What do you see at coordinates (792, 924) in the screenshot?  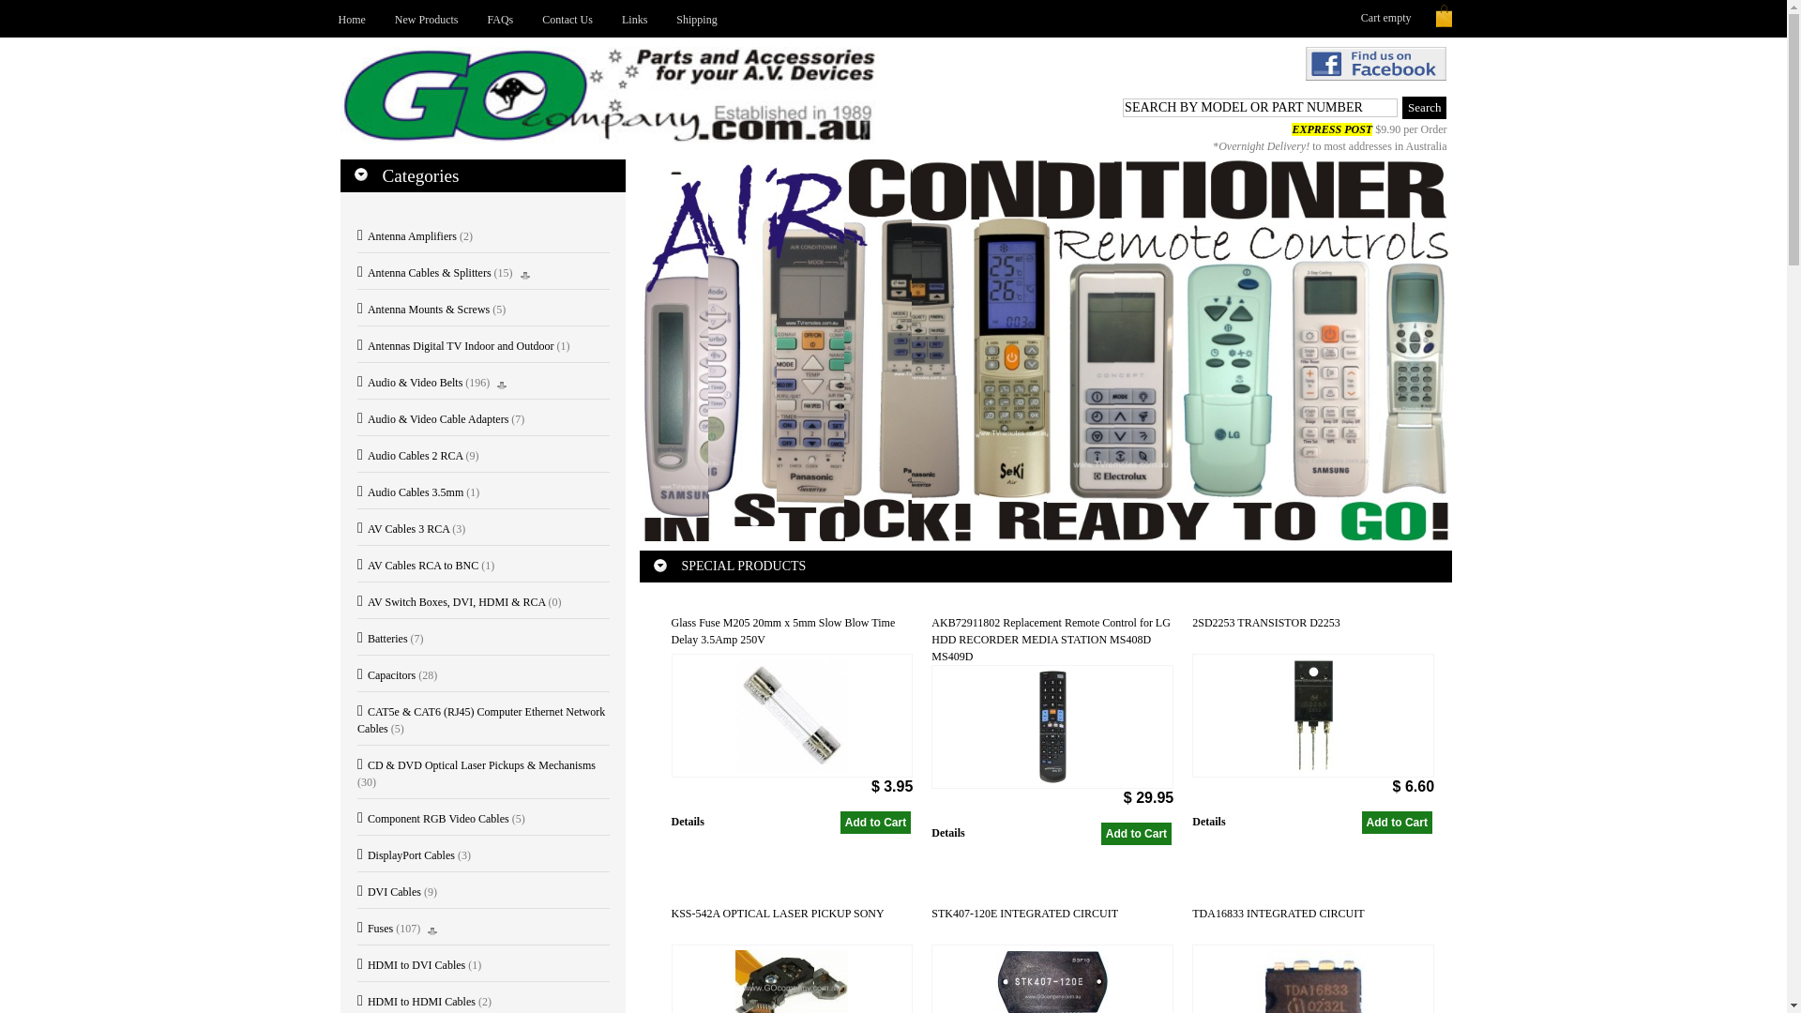 I see `'KSS-542A OPTICAL LASER PICKUP SONY'` at bounding box center [792, 924].